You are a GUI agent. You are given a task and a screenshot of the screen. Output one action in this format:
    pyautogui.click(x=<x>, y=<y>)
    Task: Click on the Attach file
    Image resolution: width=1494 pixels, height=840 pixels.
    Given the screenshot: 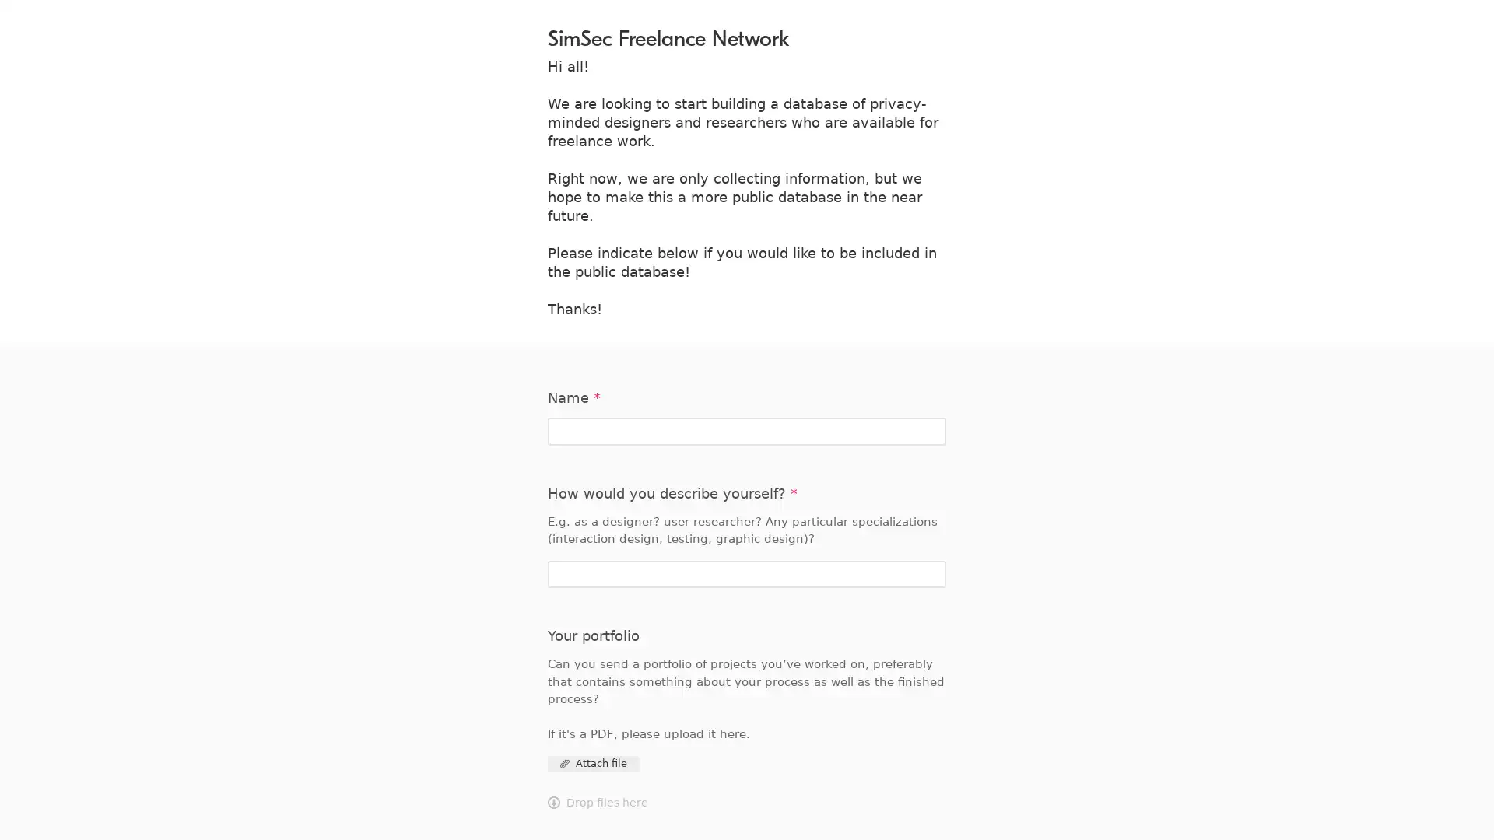 What is the action you would take?
    pyautogui.click(x=593, y=761)
    